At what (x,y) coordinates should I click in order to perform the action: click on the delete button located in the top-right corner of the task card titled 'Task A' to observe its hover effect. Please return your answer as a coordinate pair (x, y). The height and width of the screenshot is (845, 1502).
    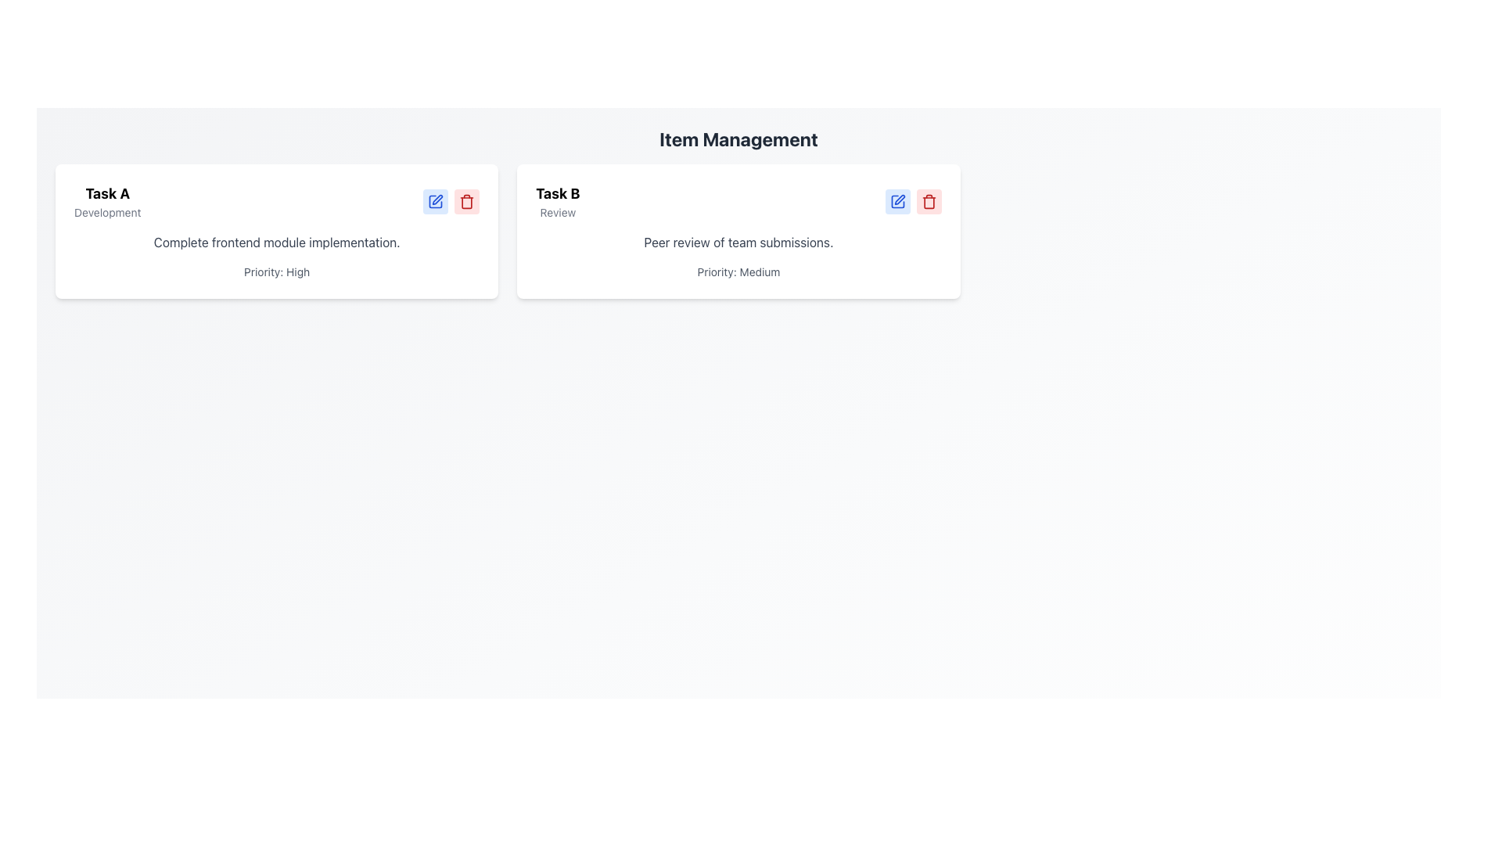
    Looking at the image, I should click on (466, 201).